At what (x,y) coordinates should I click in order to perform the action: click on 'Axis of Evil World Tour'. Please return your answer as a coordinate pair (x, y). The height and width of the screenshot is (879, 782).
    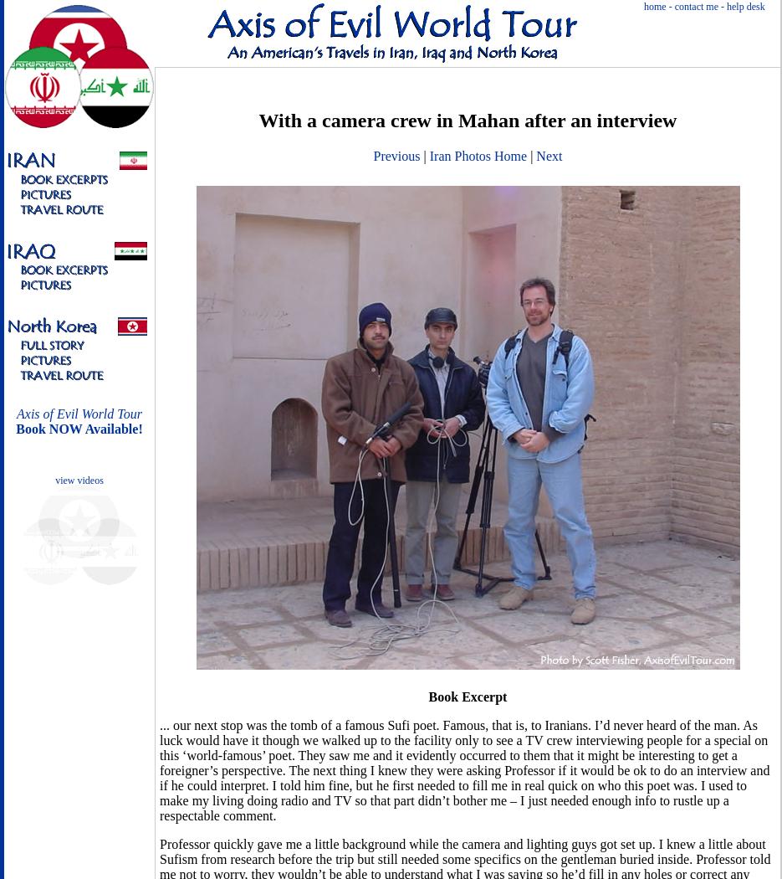
    Looking at the image, I should click on (16, 413).